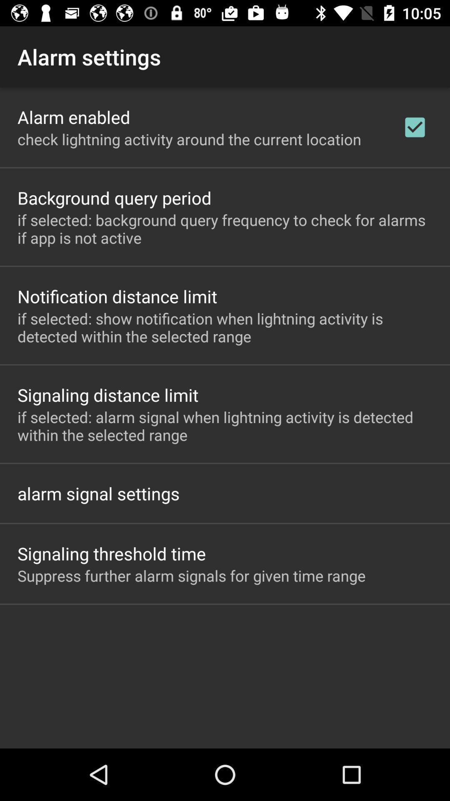 This screenshot has width=450, height=801. Describe the element at coordinates (73, 116) in the screenshot. I see `item above the check lightning activity item` at that location.